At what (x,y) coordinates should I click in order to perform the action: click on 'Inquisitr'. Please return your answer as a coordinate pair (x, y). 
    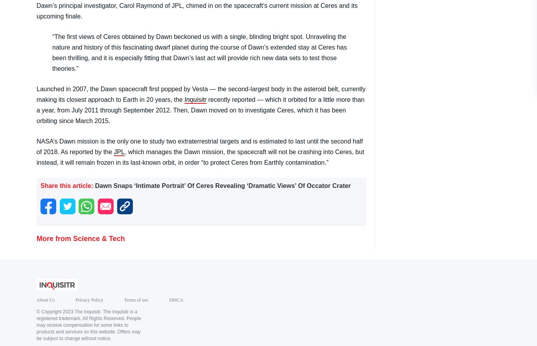
    Looking at the image, I should click on (195, 99).